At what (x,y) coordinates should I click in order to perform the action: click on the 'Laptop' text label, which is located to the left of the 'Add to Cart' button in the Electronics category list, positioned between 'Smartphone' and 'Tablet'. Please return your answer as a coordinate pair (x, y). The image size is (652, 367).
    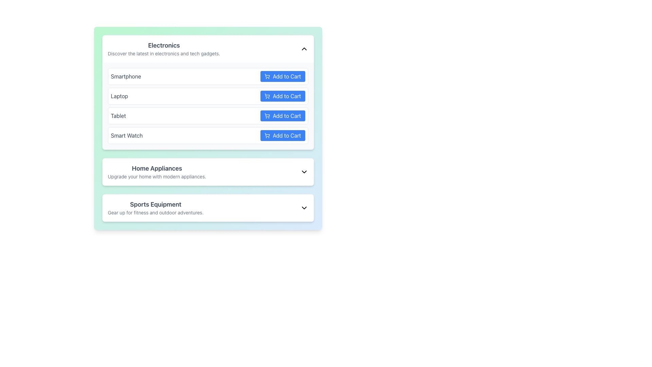
    Looking at the image, I should click on (119, 96).